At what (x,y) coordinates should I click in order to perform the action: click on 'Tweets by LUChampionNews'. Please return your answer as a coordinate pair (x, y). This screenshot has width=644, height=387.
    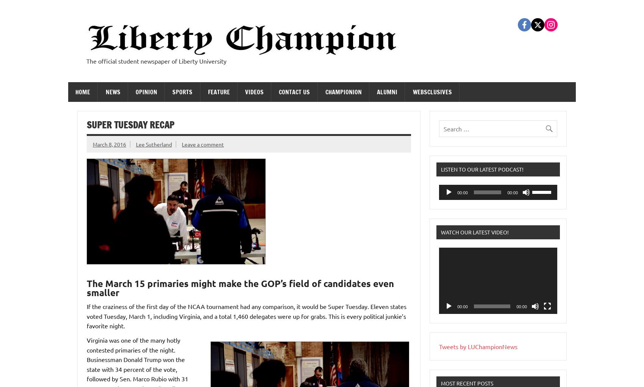
    Looking at the image, I should click on (478, 346).